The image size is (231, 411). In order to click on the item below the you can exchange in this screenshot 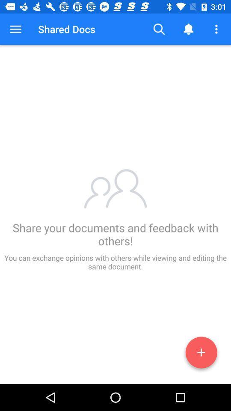, I will do `click(201, 354)`.